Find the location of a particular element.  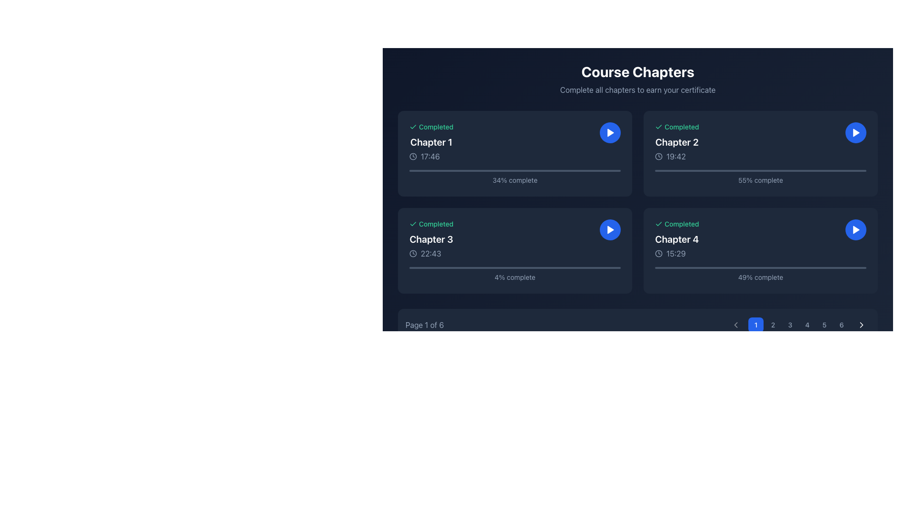

the static text element displaying 'Chapter 1' with the status indicators showing 'Completed' and the time '17:46', located in the top left corner of the course chapters section is located at coordinates (431, 142).